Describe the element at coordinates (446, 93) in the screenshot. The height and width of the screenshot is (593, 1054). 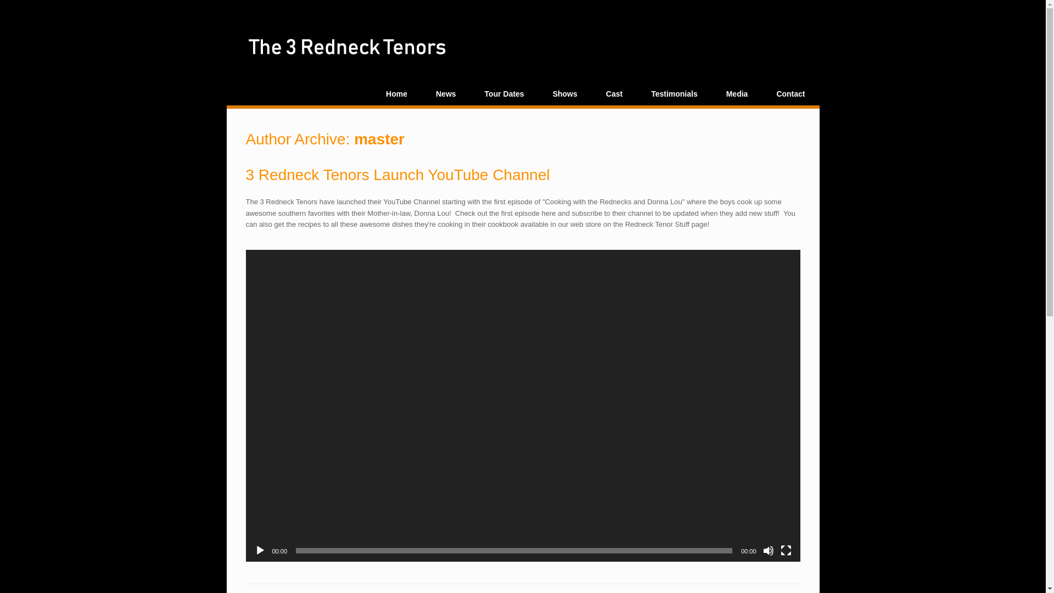
I see `'News'` at that location.